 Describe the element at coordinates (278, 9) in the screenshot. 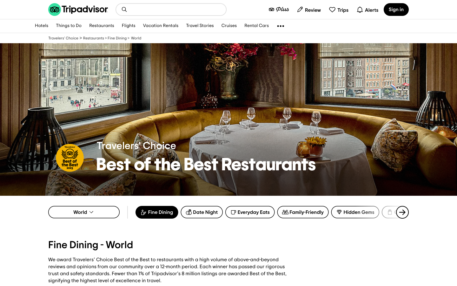

I see `the plus members section on the website` at that location.